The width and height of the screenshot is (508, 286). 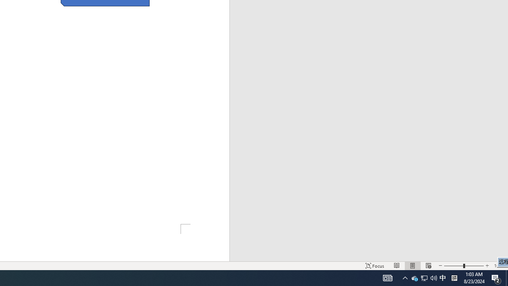 I want to click on 'Zoom', so click(x=464, y=266).